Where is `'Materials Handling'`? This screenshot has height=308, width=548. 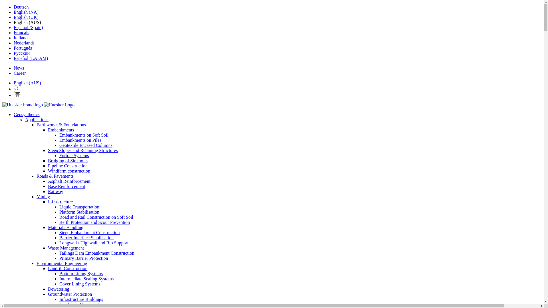 'Materials Handling' is located at coordinates (66, 227).